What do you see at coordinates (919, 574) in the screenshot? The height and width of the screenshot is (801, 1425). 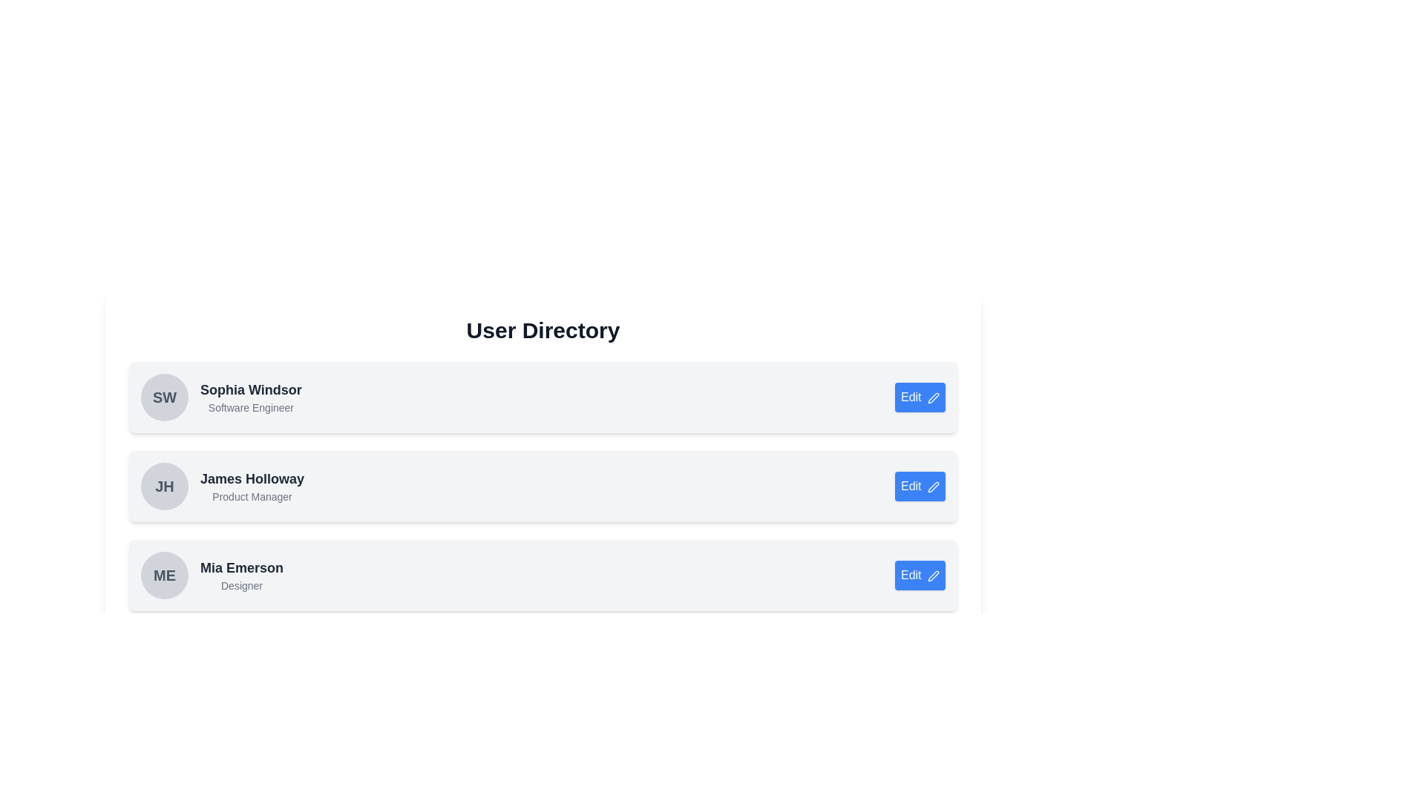 I see `the edit button located at the bottom-right of Mia Emerson's user info card` at bounding box center [919, 574].